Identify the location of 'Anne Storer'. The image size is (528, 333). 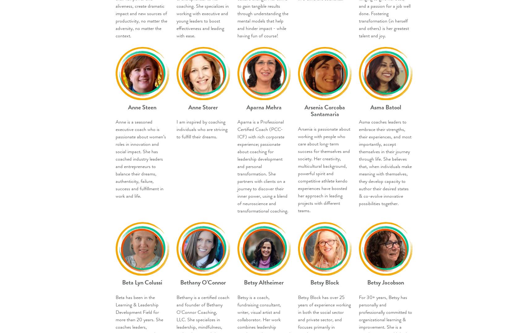
(203, 107).